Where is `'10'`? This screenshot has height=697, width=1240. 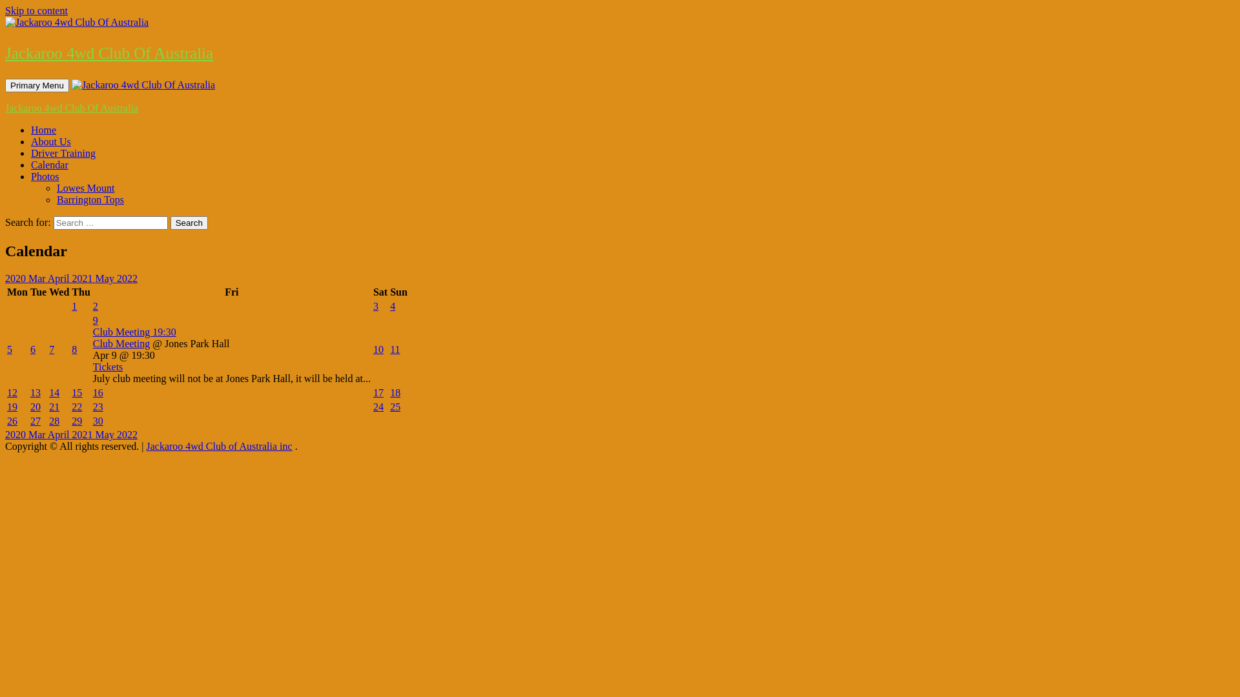
'10' is located at coordinates (372, 349).